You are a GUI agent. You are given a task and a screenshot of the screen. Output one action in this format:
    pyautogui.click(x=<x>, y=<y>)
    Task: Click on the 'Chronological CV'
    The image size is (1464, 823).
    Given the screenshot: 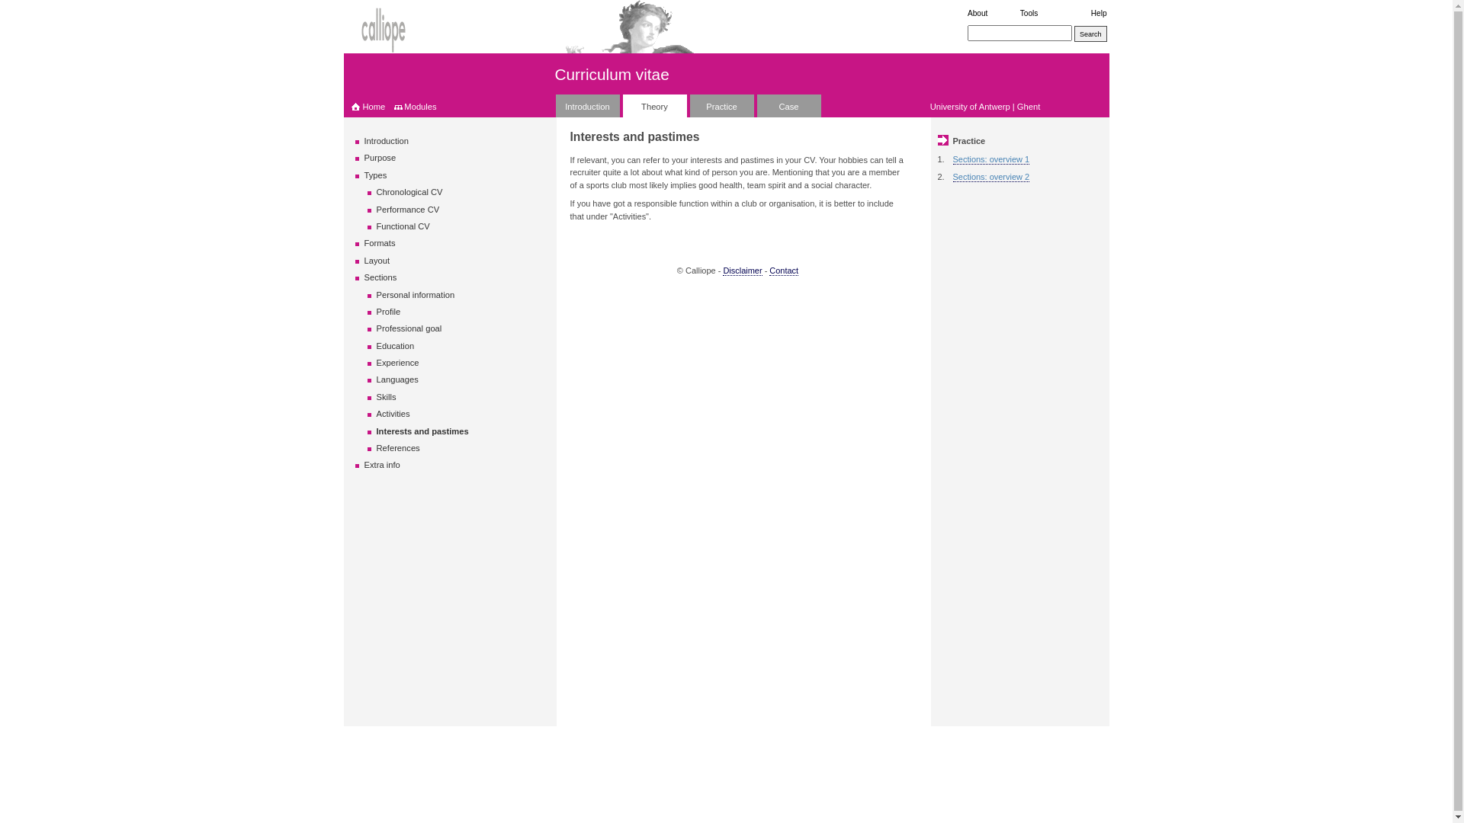 What is the action you would take?
    pyautogui.click(x=409, y=191)
    